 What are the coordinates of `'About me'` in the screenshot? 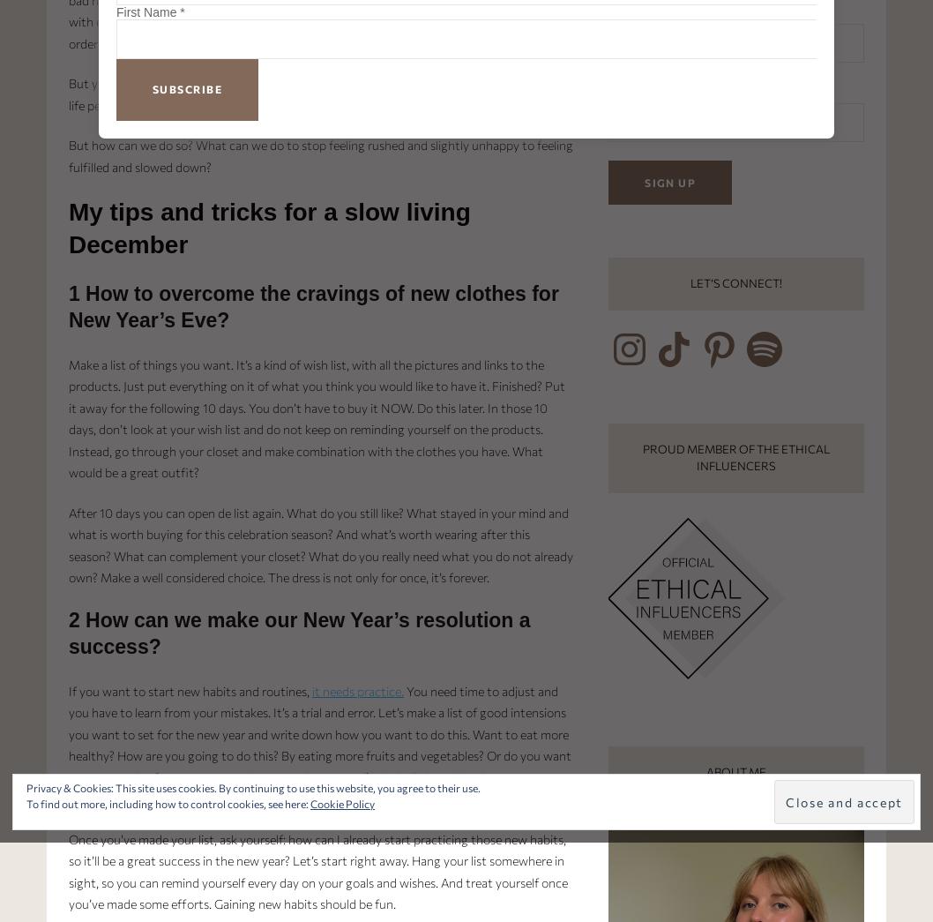 It's located at (735, 771).